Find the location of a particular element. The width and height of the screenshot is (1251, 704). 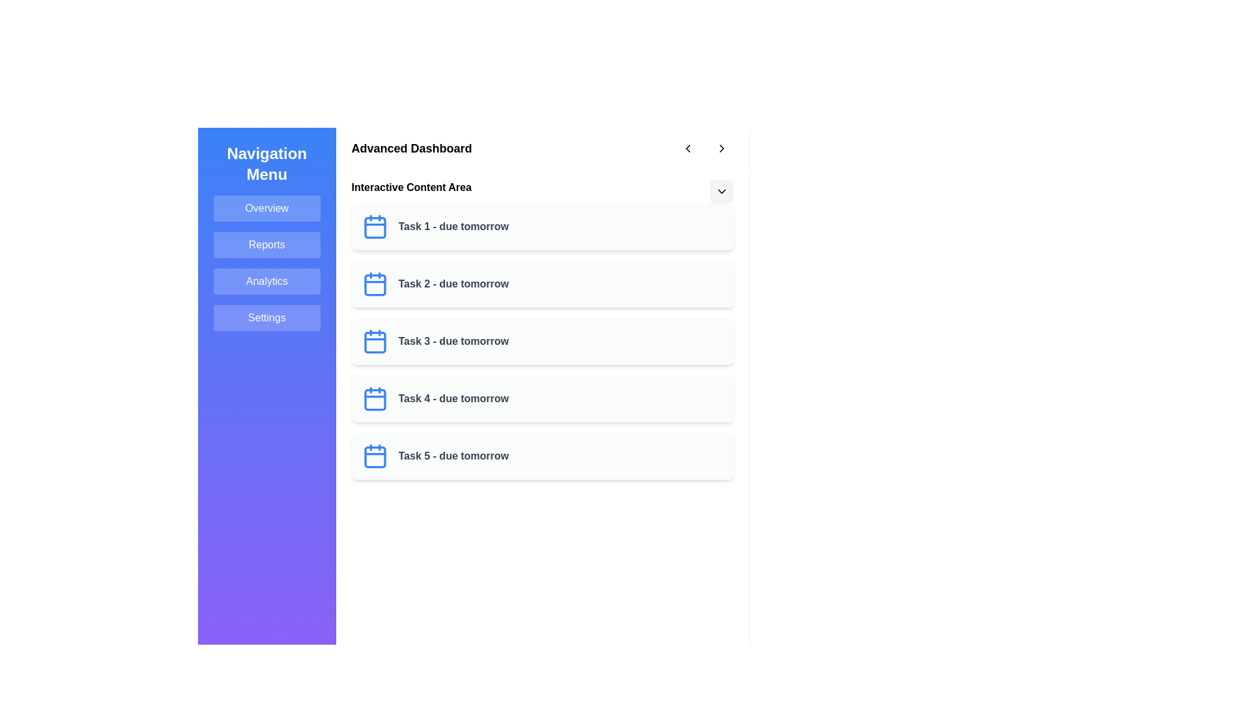

the Dropdown toggle icon located near the top-right of the interactive content area is located at coordinates (721, 191).